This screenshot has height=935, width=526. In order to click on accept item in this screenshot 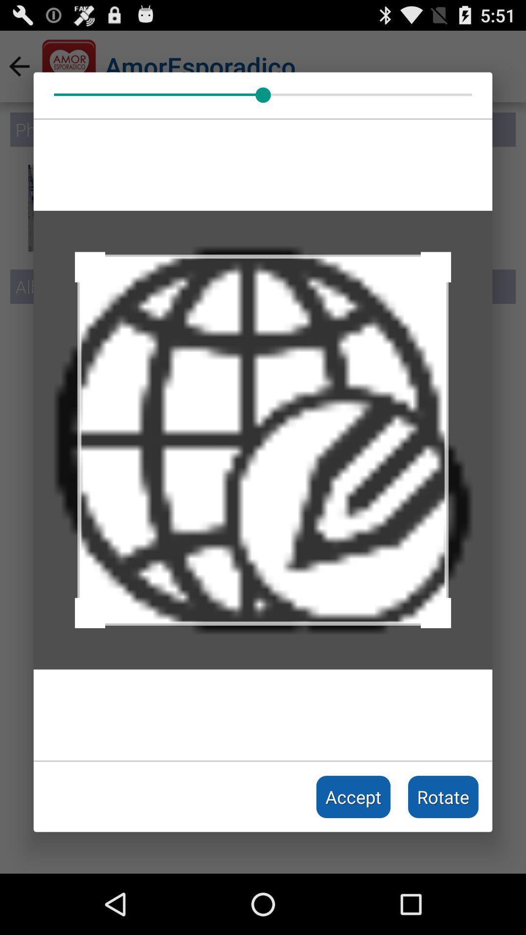, I will do `click(353, 797)`.